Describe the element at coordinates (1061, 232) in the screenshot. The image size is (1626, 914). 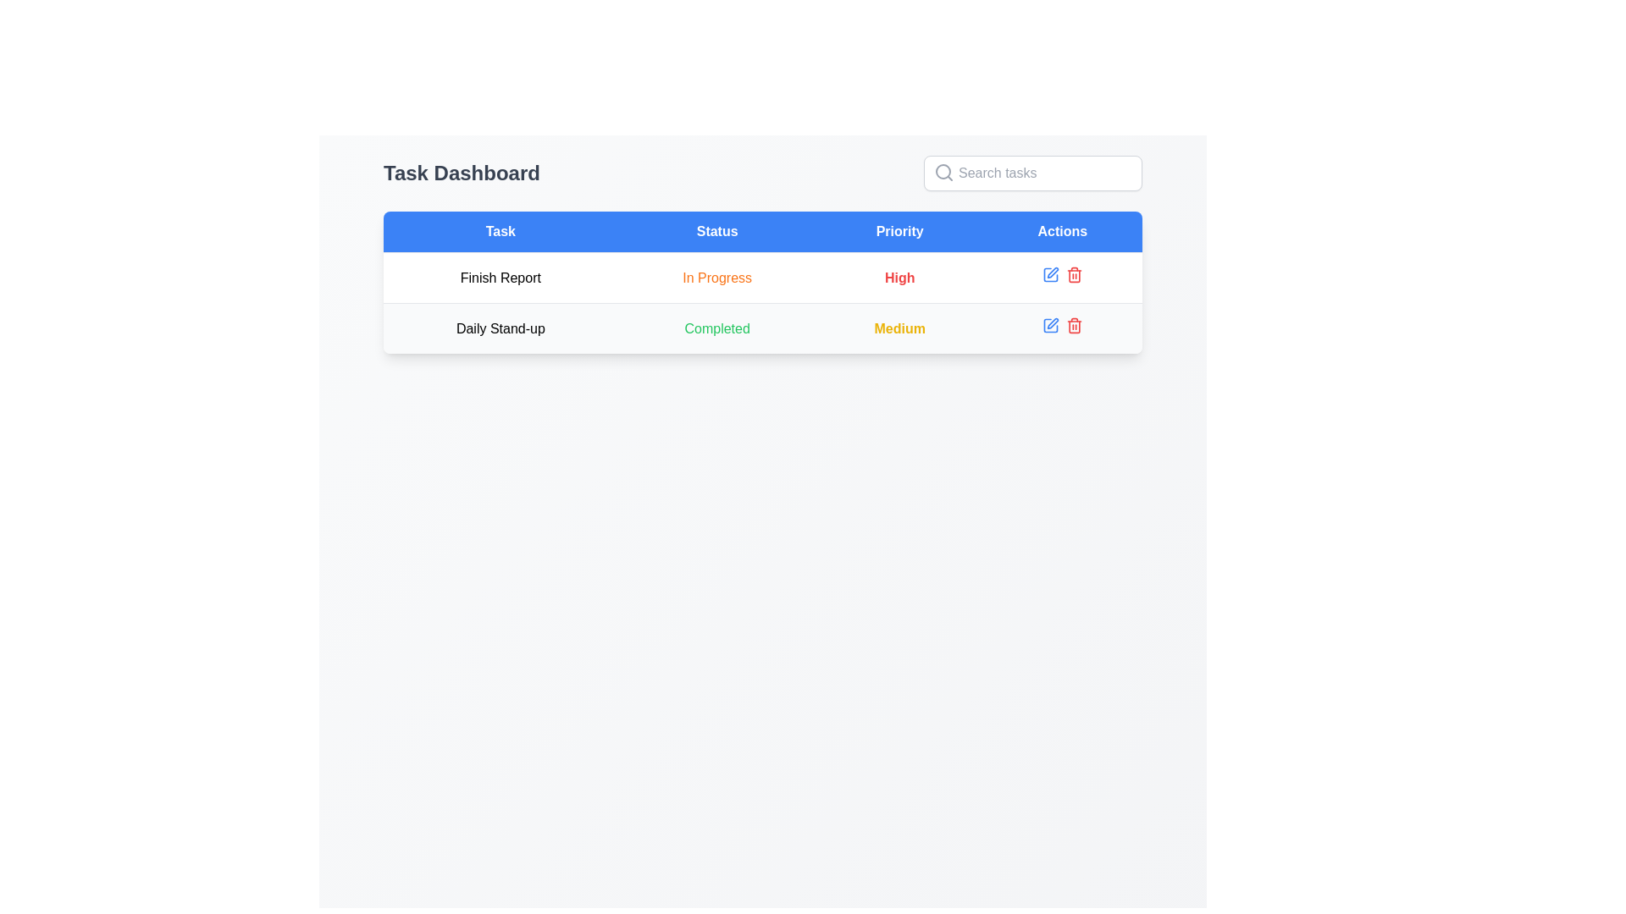
I see `the 'Actions' header label in the table, which is the fourth header on the far right in its row, adjacent to the 'Priority' column header` at that location.